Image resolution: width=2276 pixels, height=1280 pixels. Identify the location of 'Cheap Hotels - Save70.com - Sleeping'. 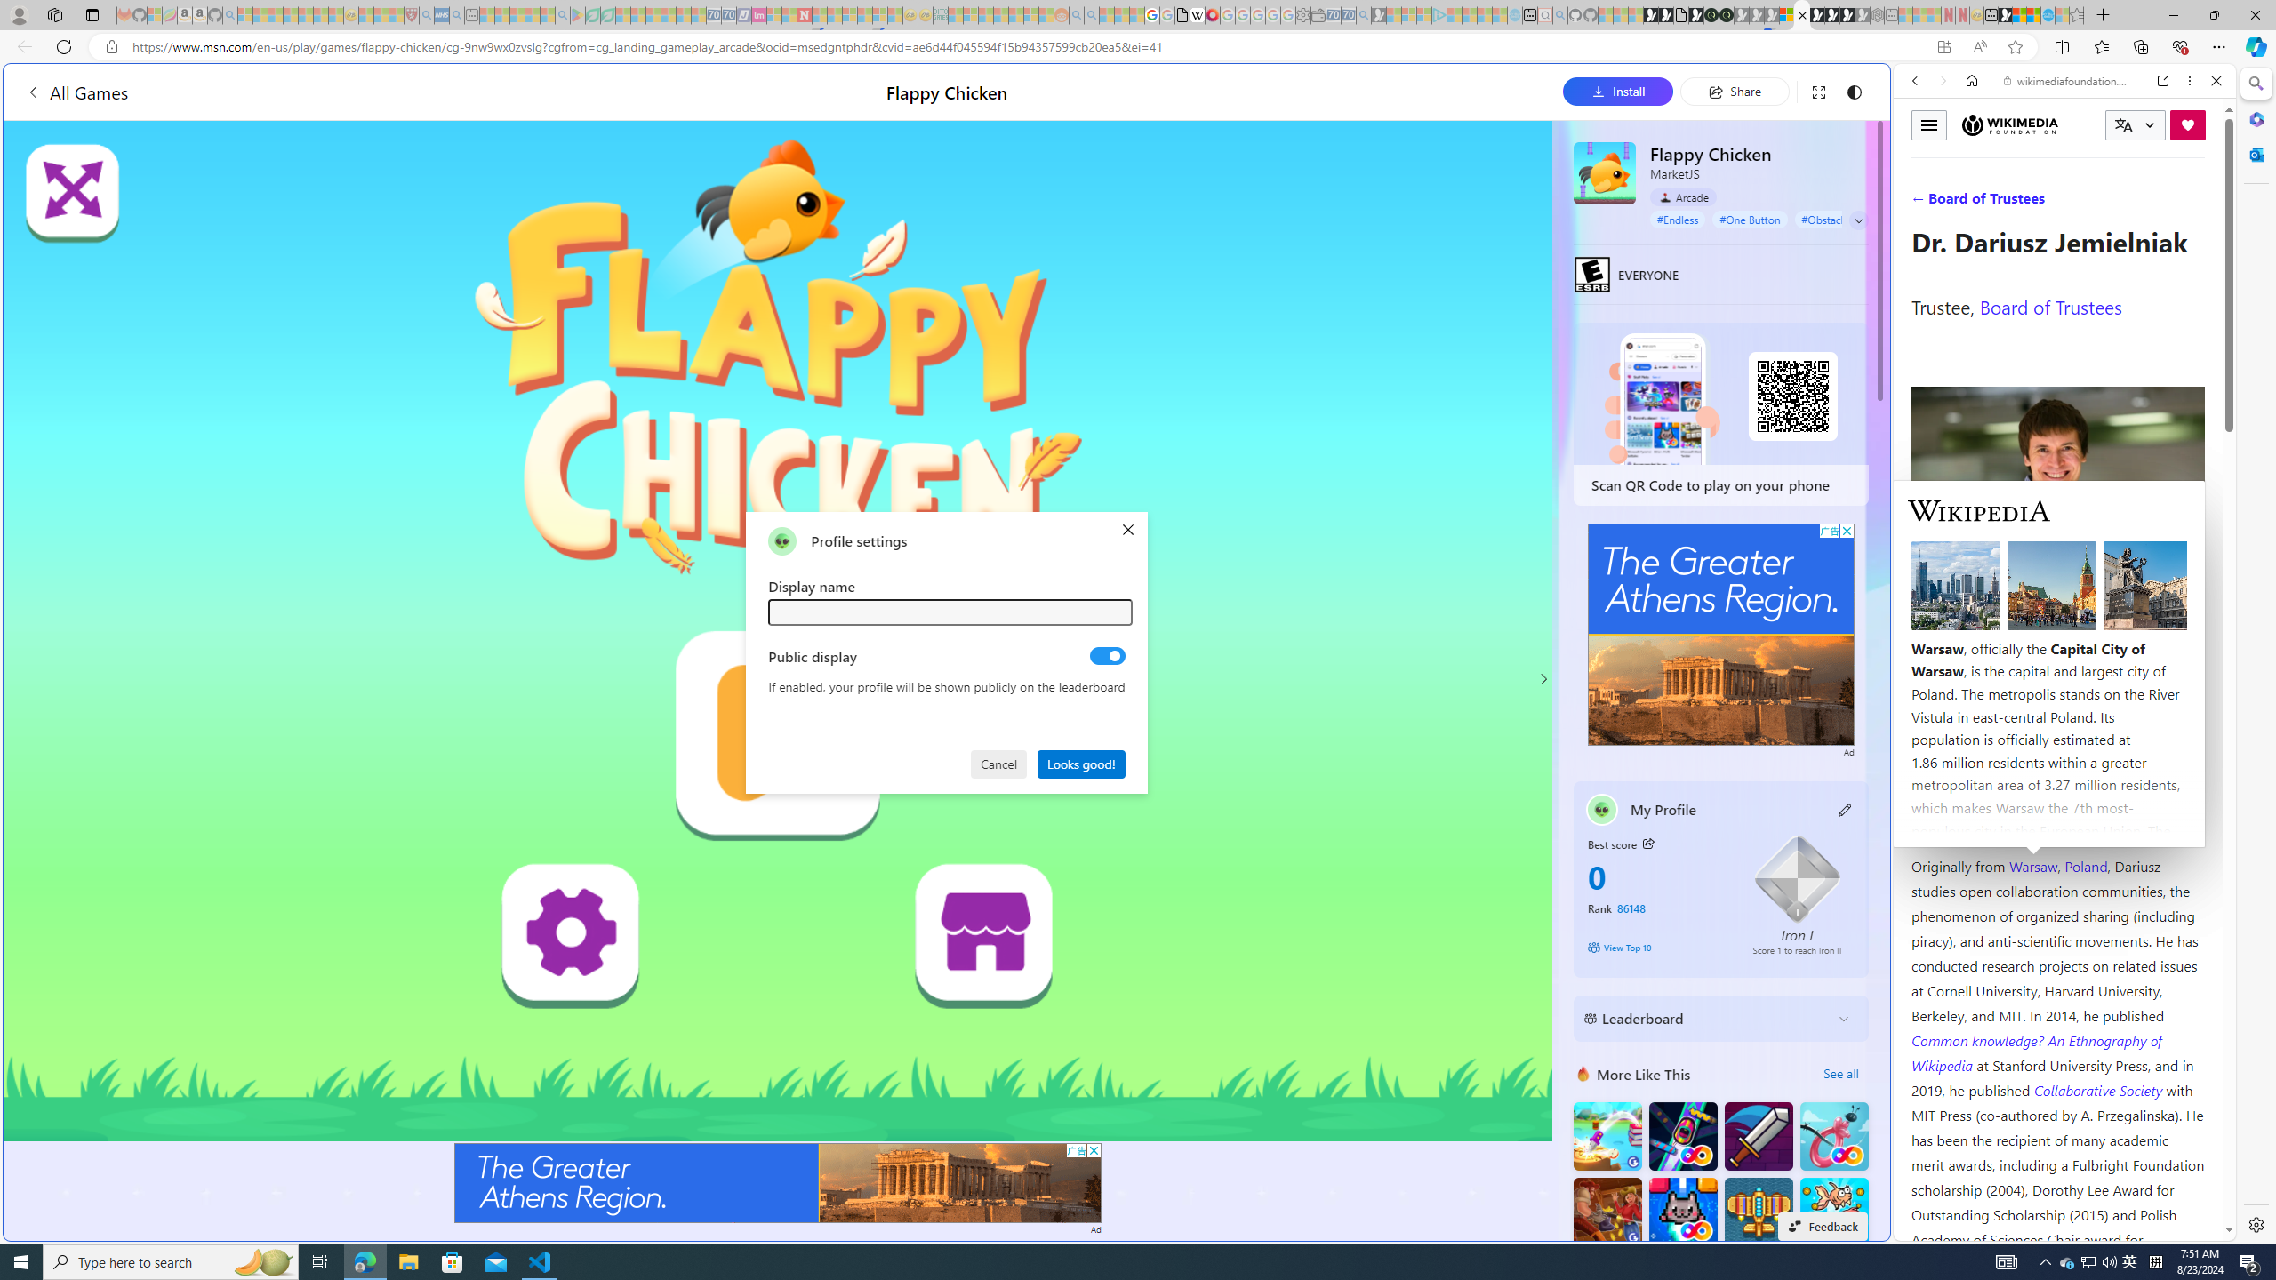
(728, 14).